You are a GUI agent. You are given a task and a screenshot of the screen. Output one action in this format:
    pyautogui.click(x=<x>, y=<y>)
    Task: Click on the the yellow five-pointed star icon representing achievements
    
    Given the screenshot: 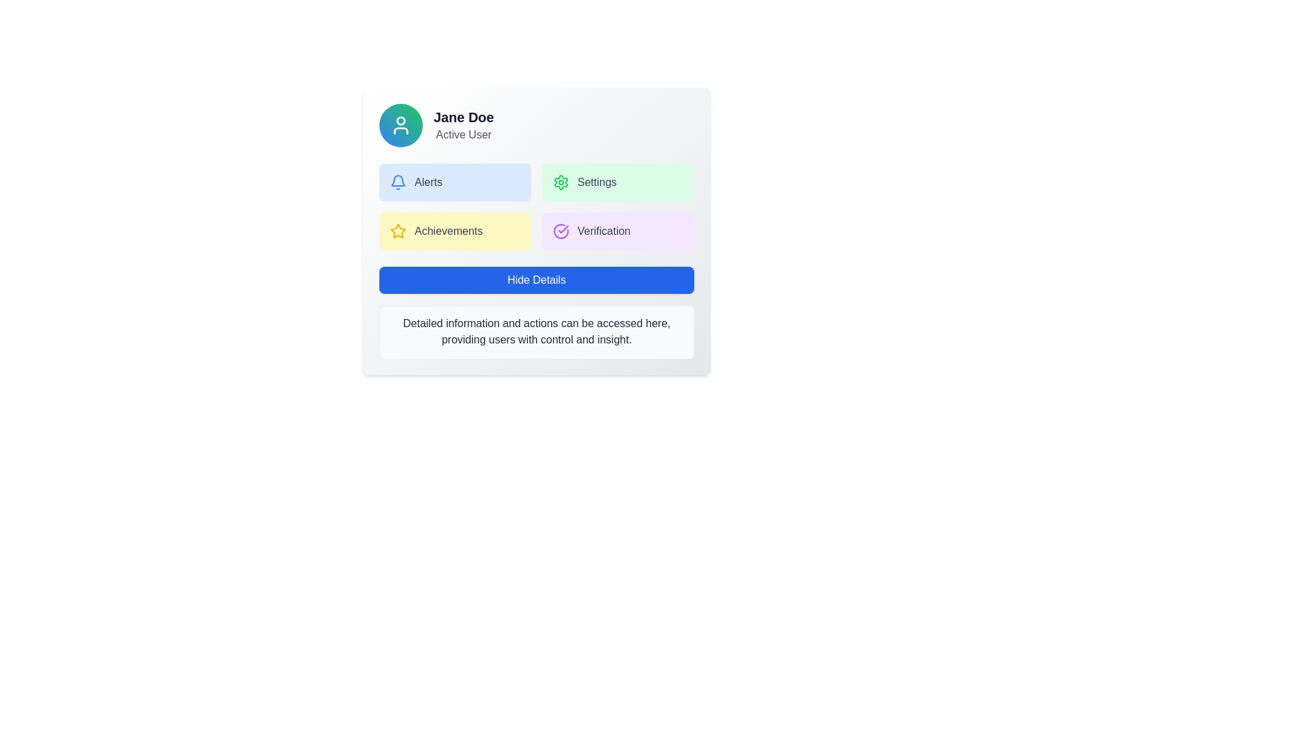 What is the action you would take?
    pyautogui.click(x=397, y=230)
    